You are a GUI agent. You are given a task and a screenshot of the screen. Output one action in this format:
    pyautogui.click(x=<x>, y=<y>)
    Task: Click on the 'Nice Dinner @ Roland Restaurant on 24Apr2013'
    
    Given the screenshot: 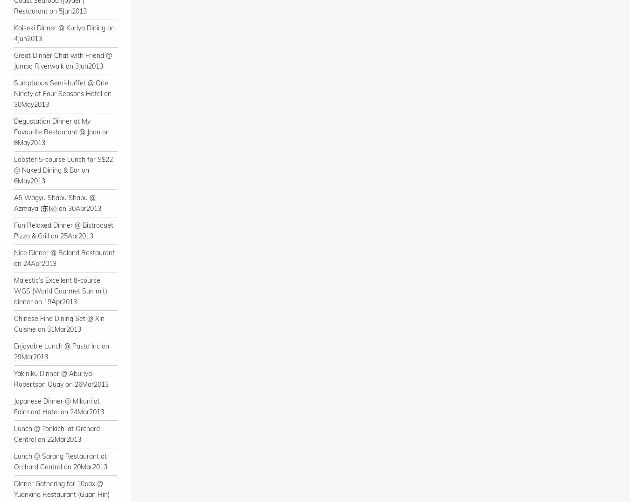 What is the action you would take?
    pyautogui.click(x=13, y=258)
    